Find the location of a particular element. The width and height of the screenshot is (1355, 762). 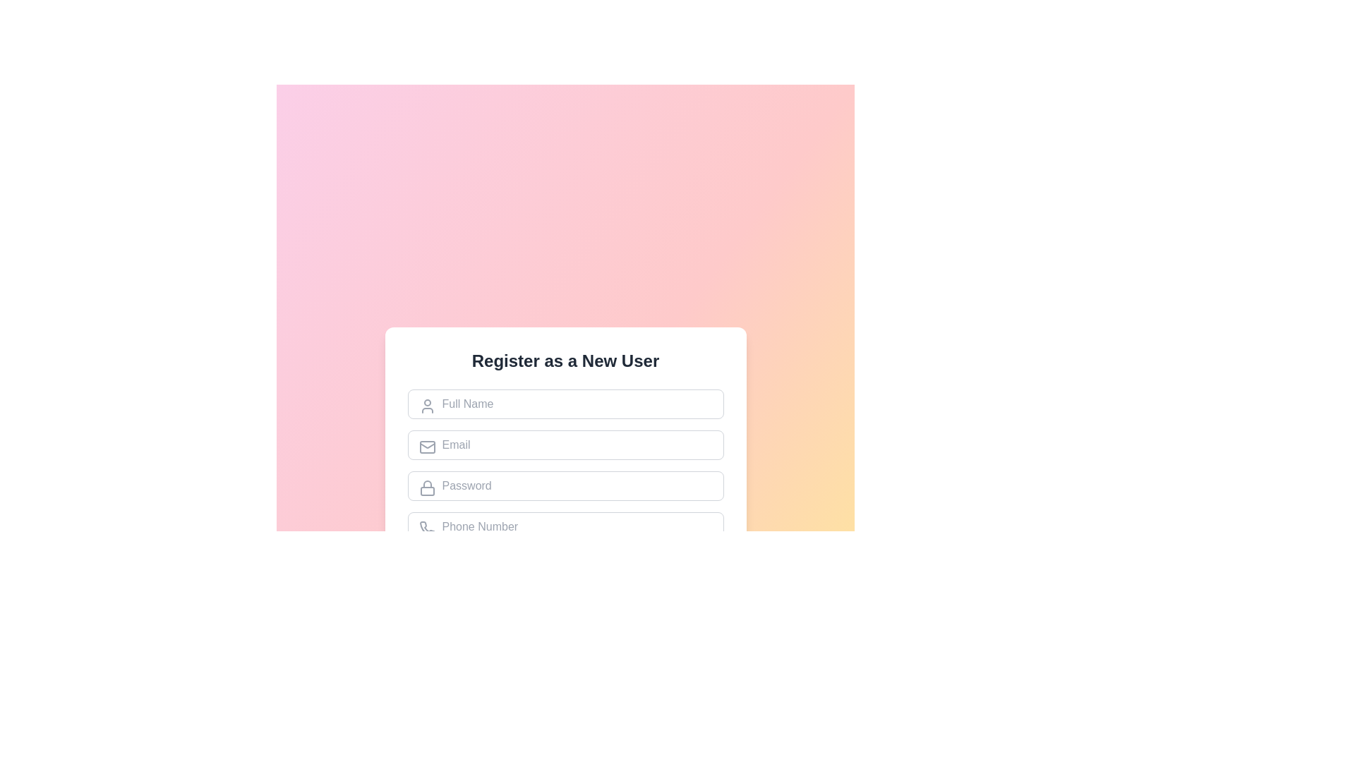

the lower rectangular box of the mail icon representation, which is part of the SVG-based mail icon, located to the left of the 'Email' input field's label text is located at coordinates (426, 447).